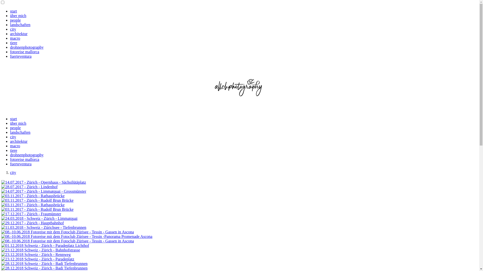  I want to click on 'start', so click(10, 11).